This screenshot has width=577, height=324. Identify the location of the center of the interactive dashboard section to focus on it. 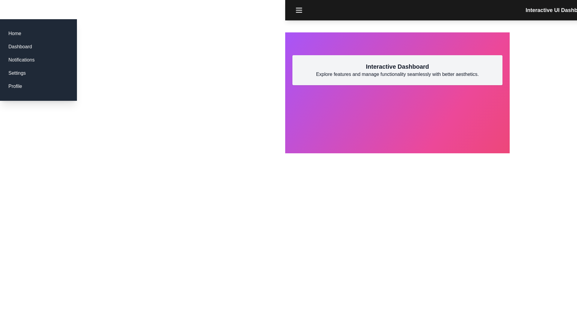
(397, 59).